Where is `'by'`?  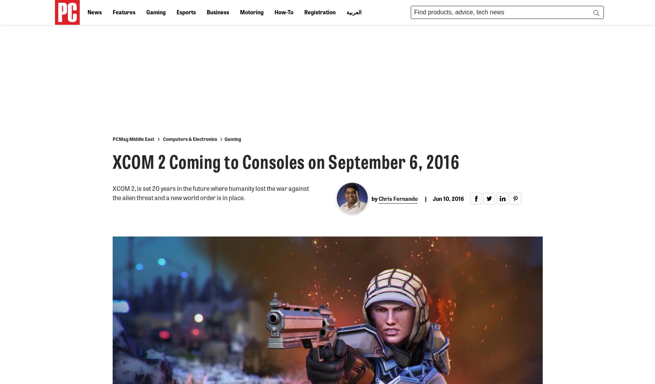
'by' is located at coordinates (372, 198).